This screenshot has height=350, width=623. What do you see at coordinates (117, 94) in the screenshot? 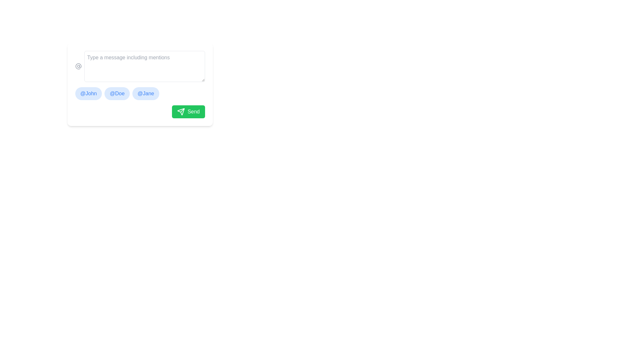
I see `the rounded button with a light blue background displaying '@Doe'` at bounding box center [117, 94].